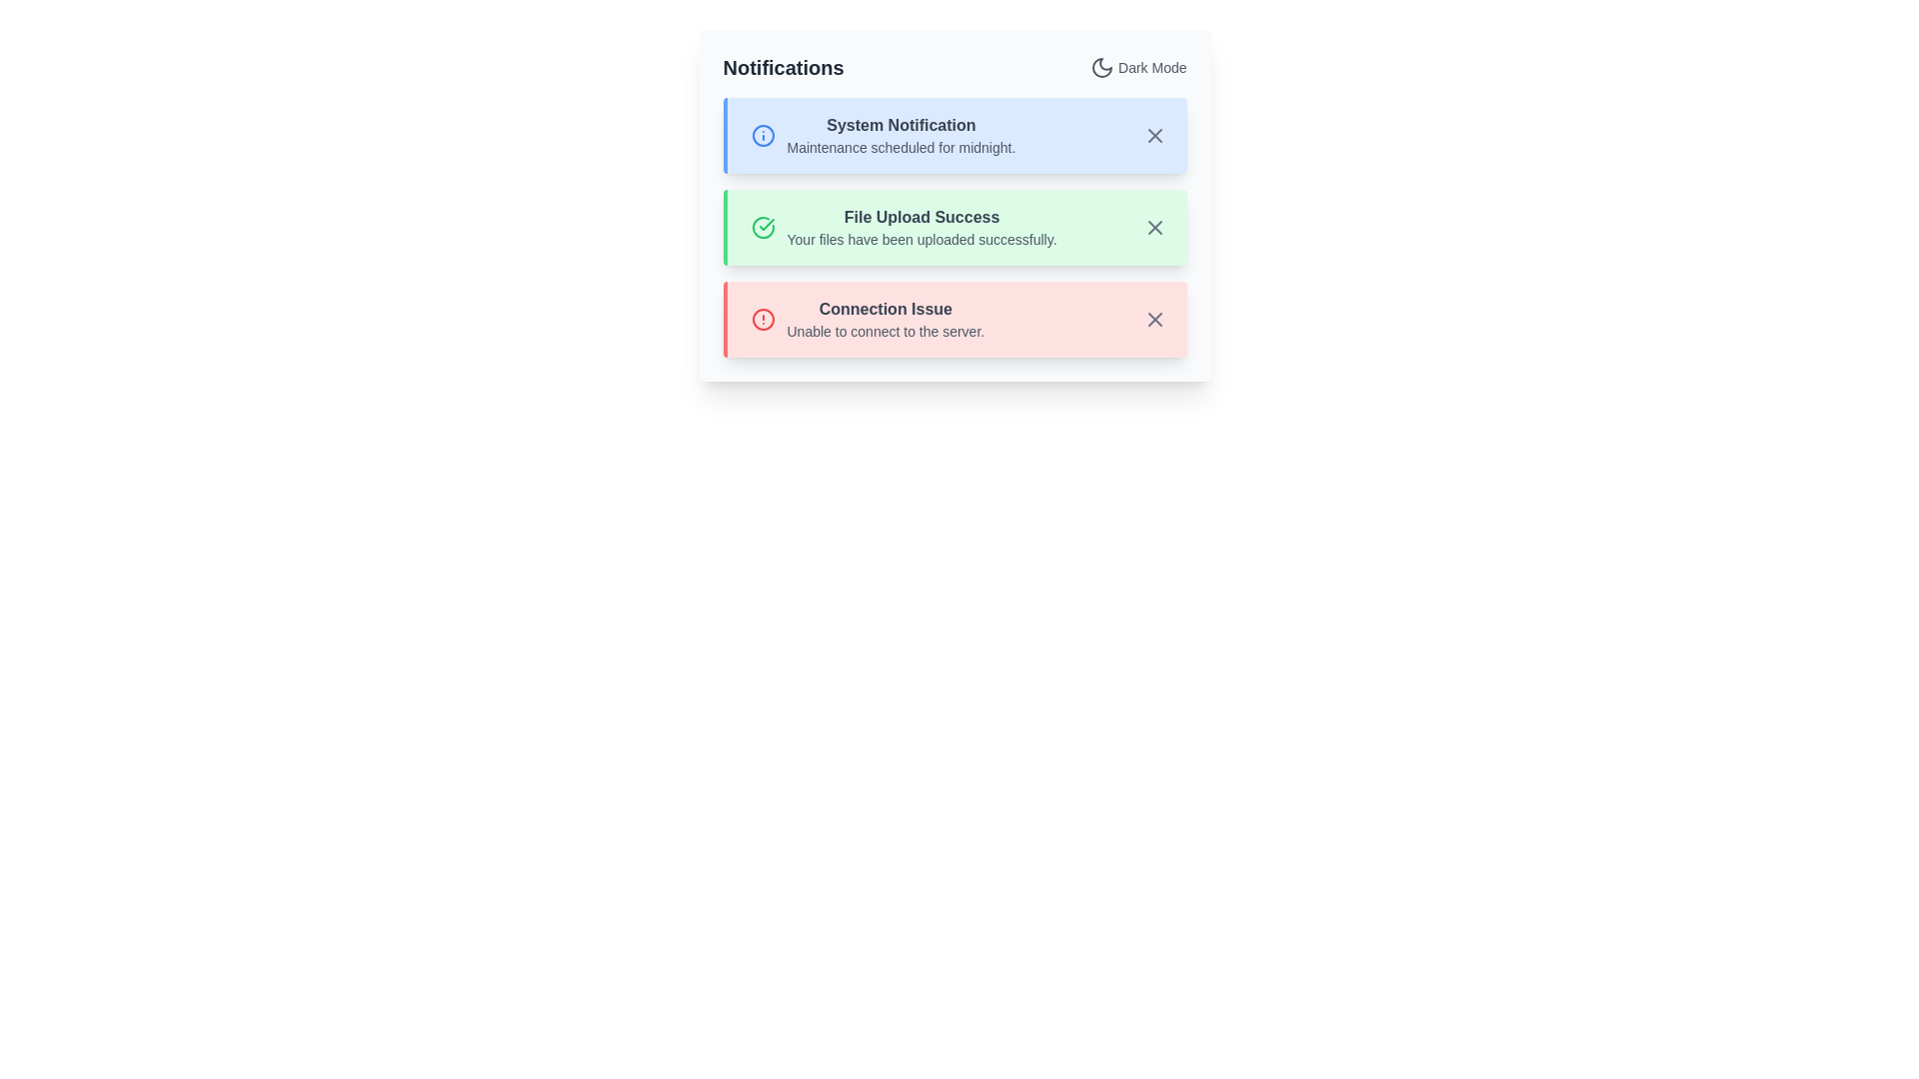 The width and height of the screenshot is (1919, 1079). What do you see at coordinates (1154, 226) in the screenshot?
I see `the dismissal icon button located on the far right-hand side of the green box containing the message 'File Upload Success'` at bounding box center [1154, 226].